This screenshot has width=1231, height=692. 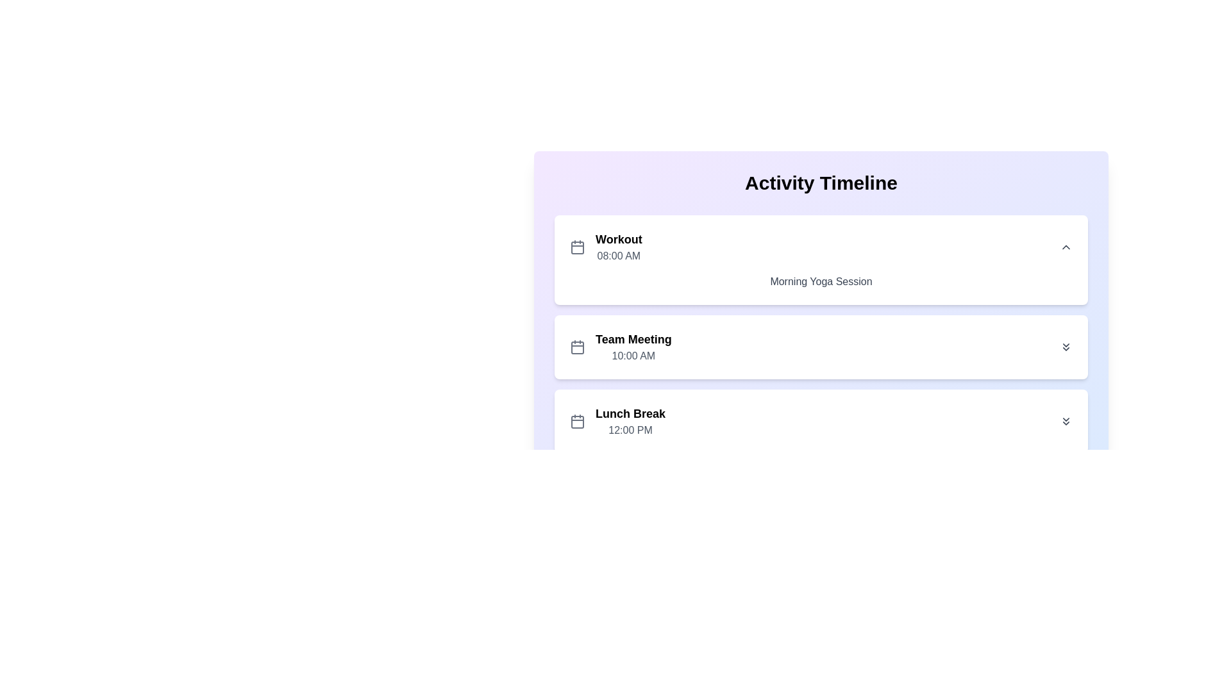 I want to click on the schedule item representing 'Lunch Break' at 12:00 PM, which is the third item in the list, located between 'Team Meeting 10:00 AM' and subsequent items, so click(x=821, y=422).